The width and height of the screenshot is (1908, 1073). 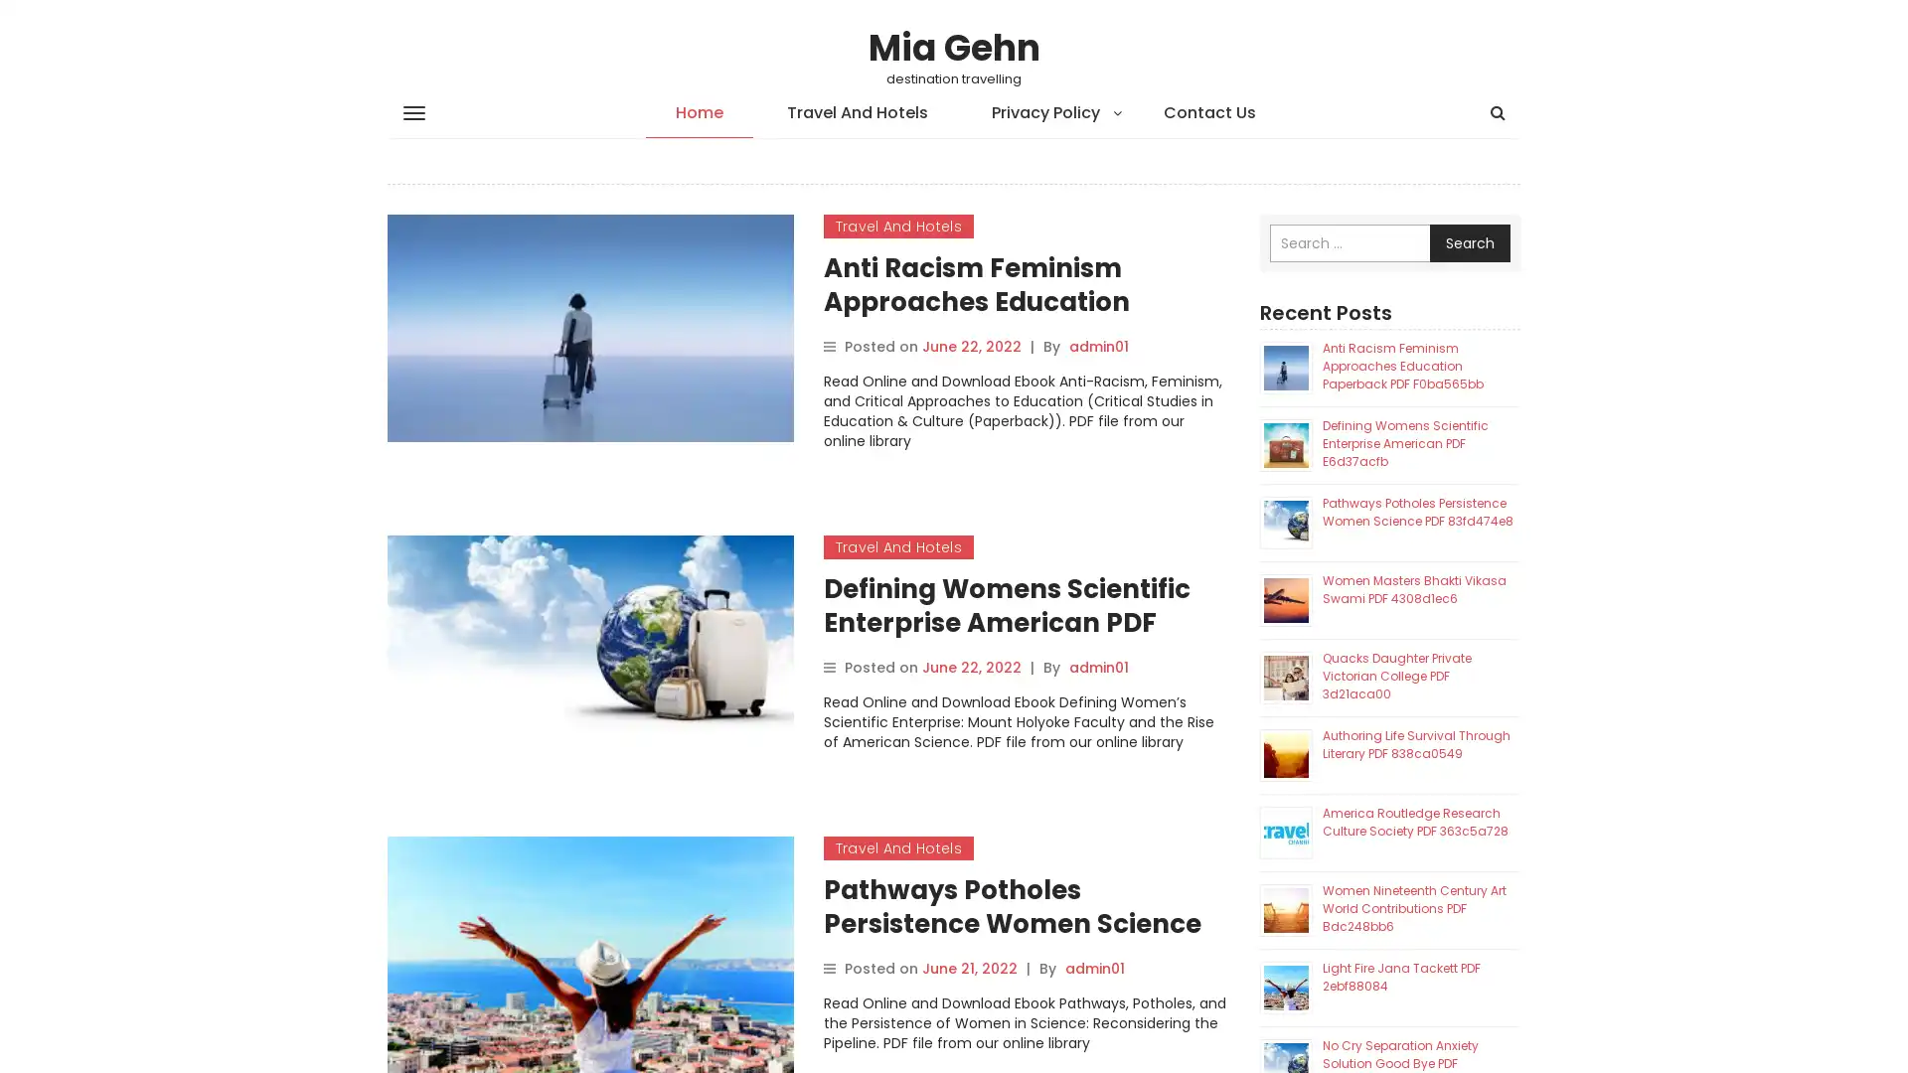 I want to click on Search, so click(x=1470, y=242).